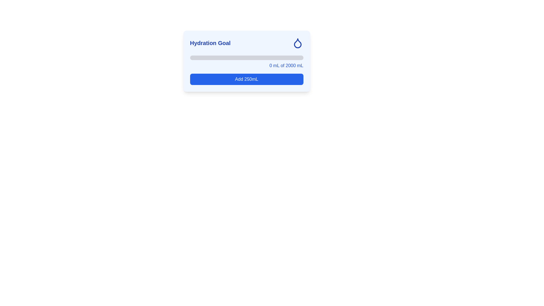 This screenshot has height=306, width=544. What do you see at coordinates (246, 62) in the screenshot?
I see `the progress bar displaying '0 mL of 2000 mL' within the 'Hydration Goal' card` at bounding box center [246, 62].